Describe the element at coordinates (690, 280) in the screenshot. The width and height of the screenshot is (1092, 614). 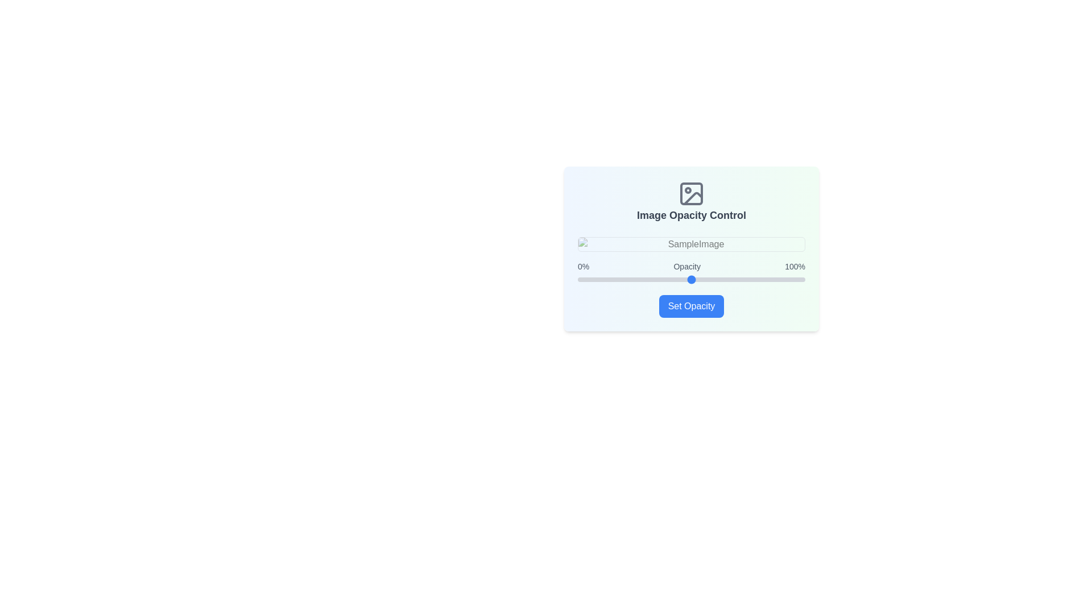
I see `the opacity slider to set the opacity to 50%` at that location.